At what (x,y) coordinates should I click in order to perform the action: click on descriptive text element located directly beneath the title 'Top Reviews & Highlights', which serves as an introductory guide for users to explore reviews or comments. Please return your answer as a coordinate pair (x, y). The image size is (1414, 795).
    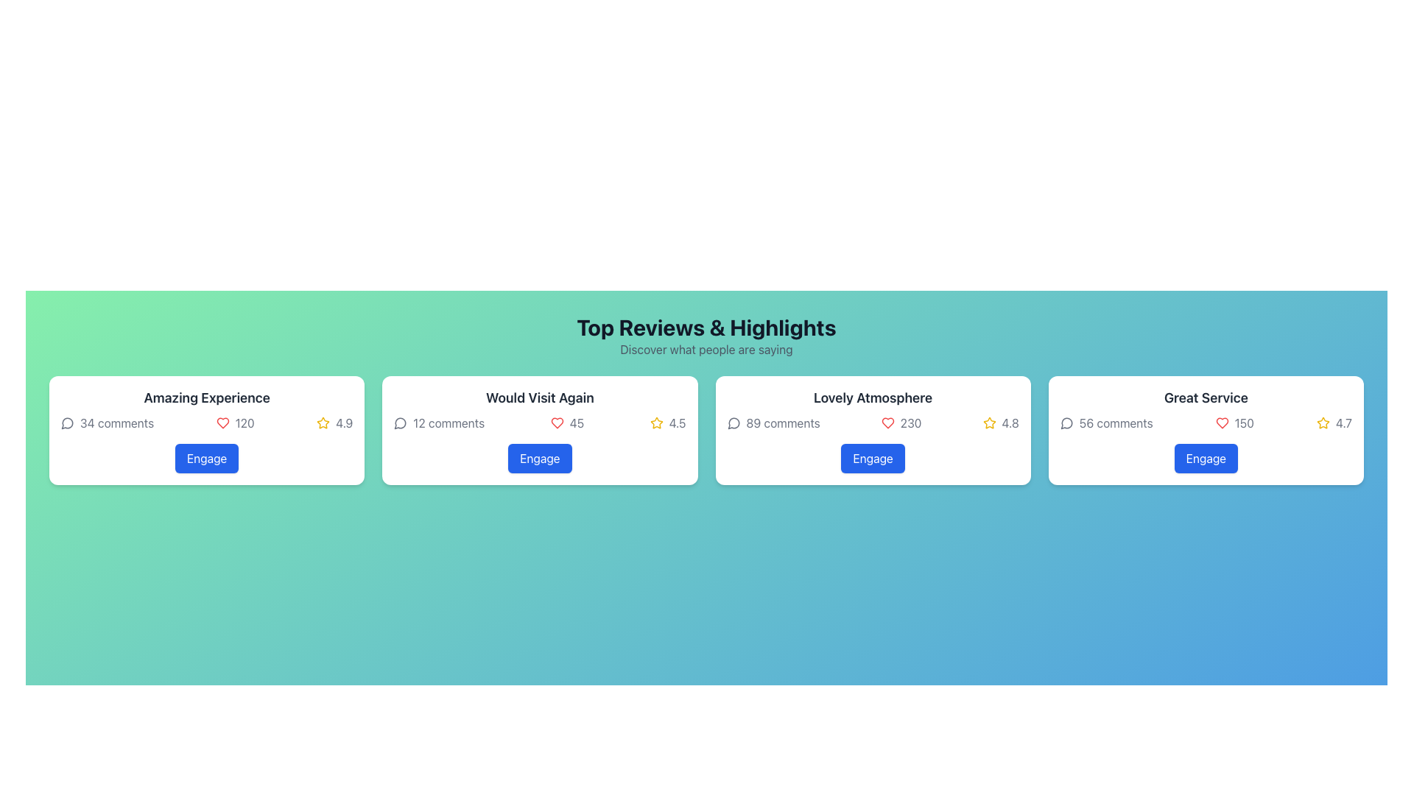
    Looking at the image, I should click on (706, 349).